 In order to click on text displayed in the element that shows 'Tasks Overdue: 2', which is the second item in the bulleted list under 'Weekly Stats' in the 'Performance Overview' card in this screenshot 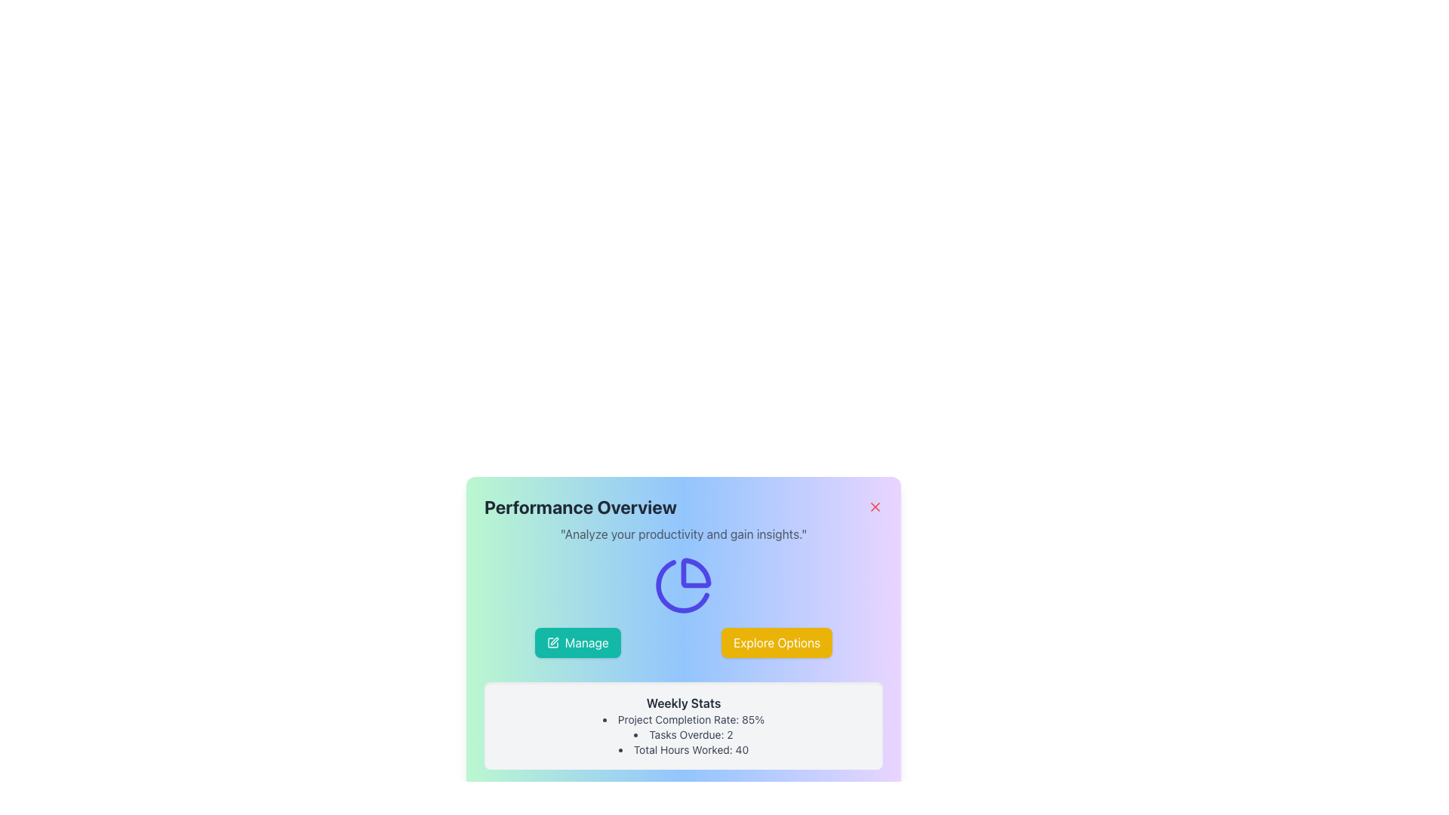, I will do `click(683, 734)`.